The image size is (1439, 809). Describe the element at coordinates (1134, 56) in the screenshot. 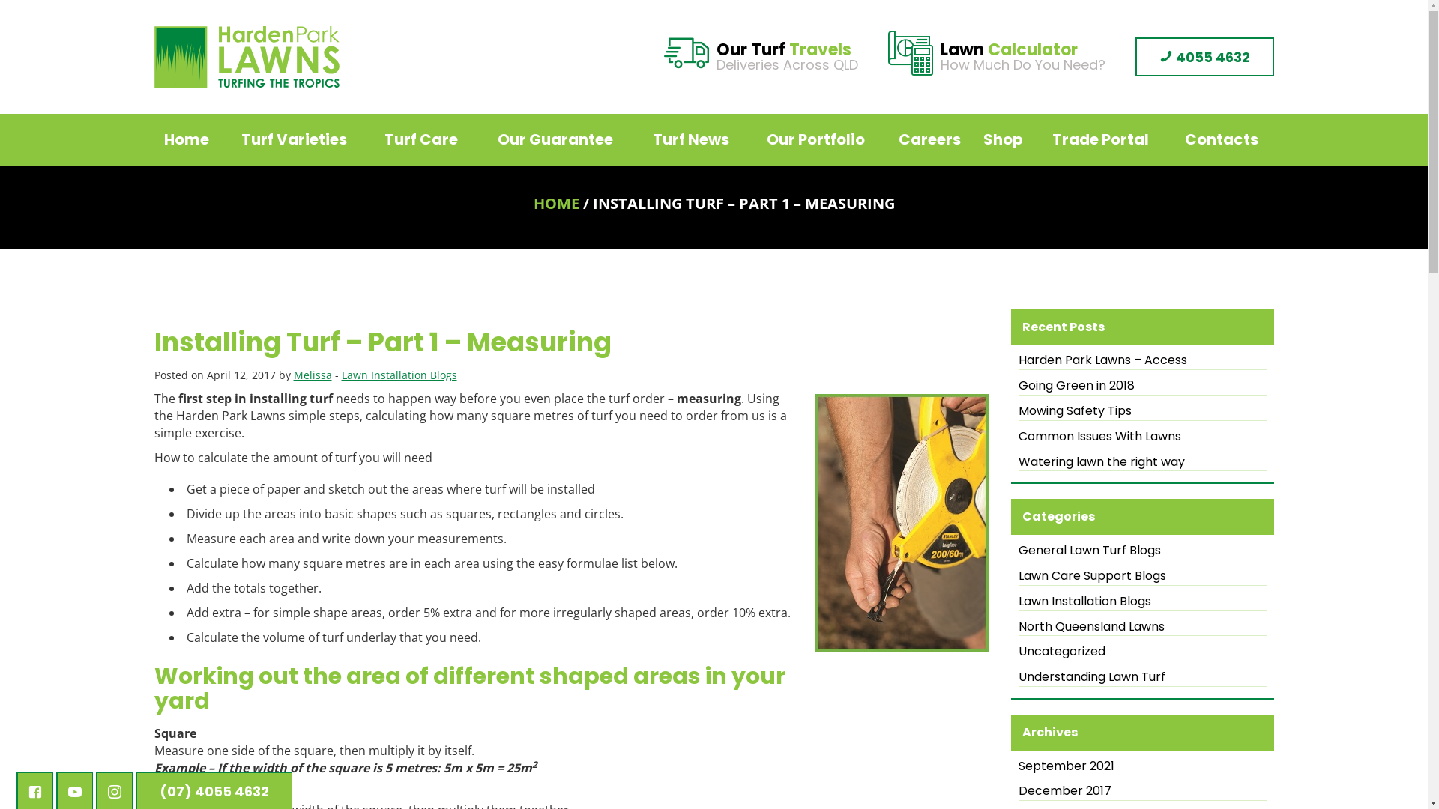

I see `'4055 4632'` at that location.